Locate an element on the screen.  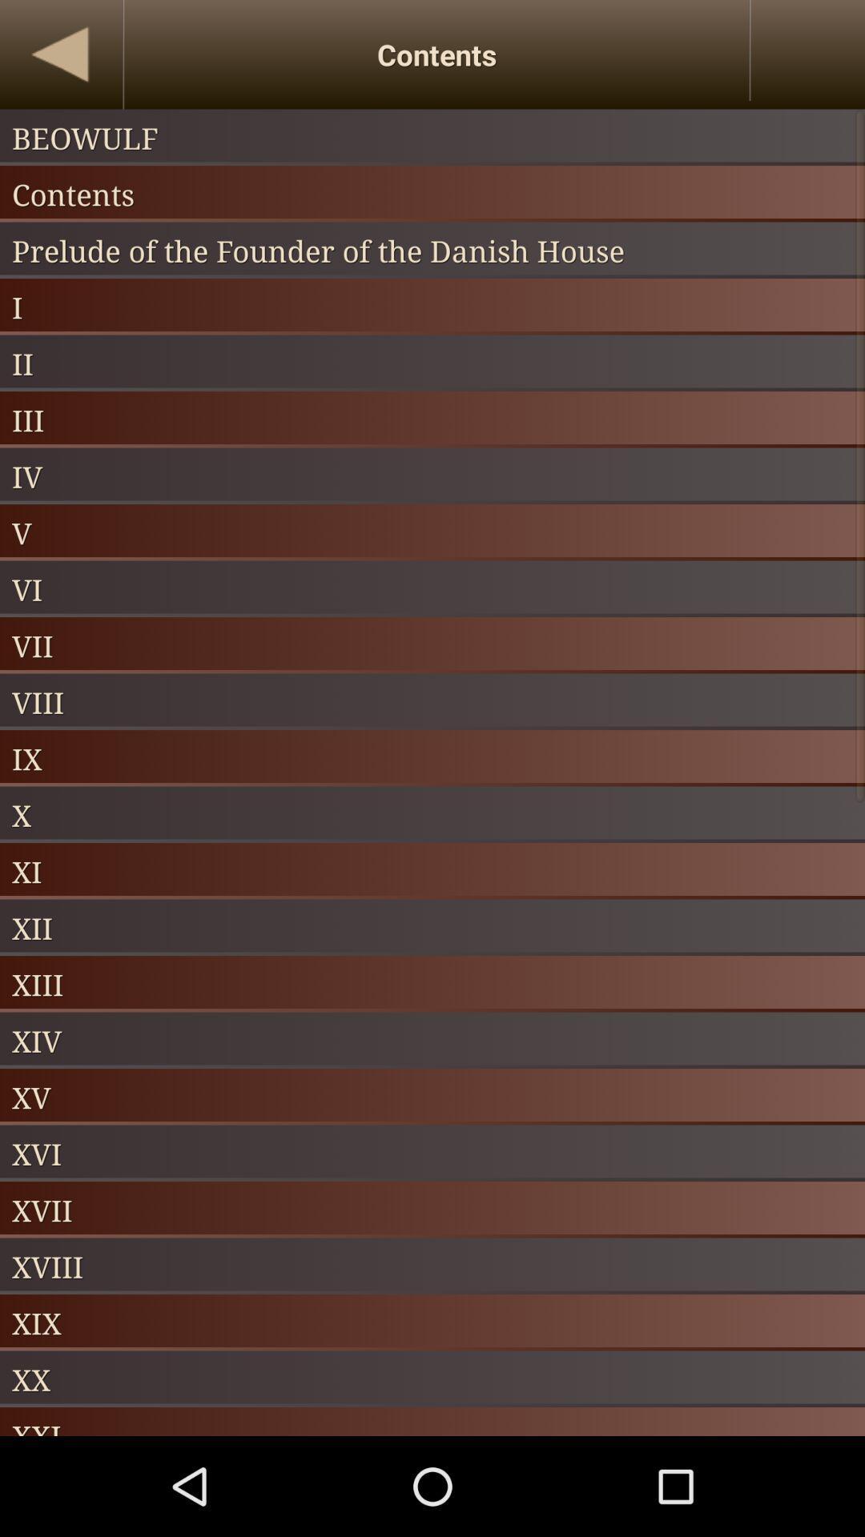
the icon above the x item is located at coordinates (432, 757).